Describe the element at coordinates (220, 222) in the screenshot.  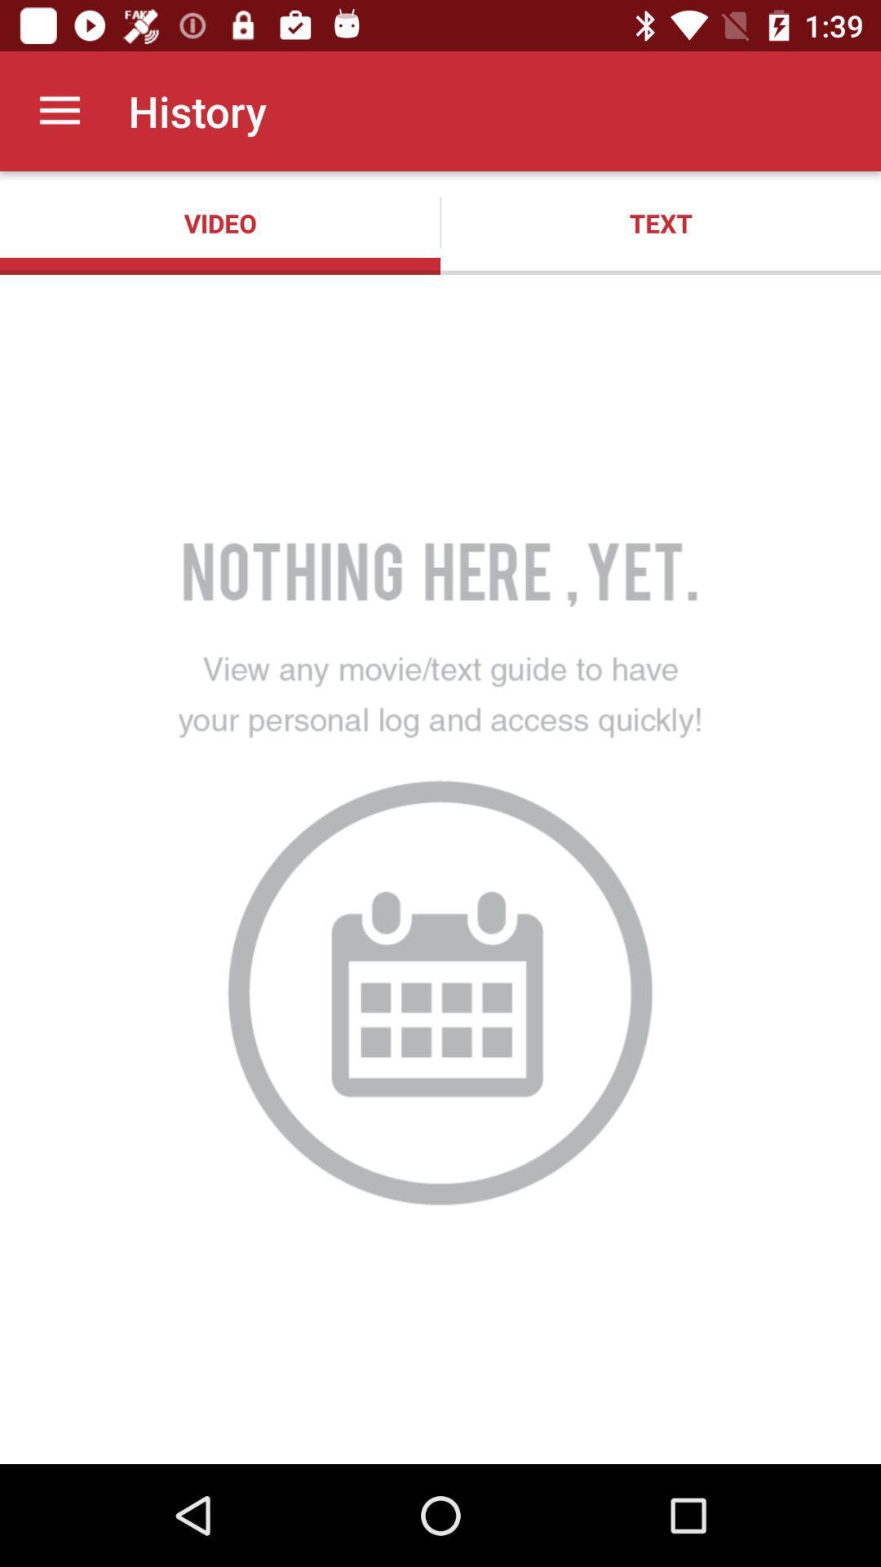
I see `the app to the left of text item` at that location.